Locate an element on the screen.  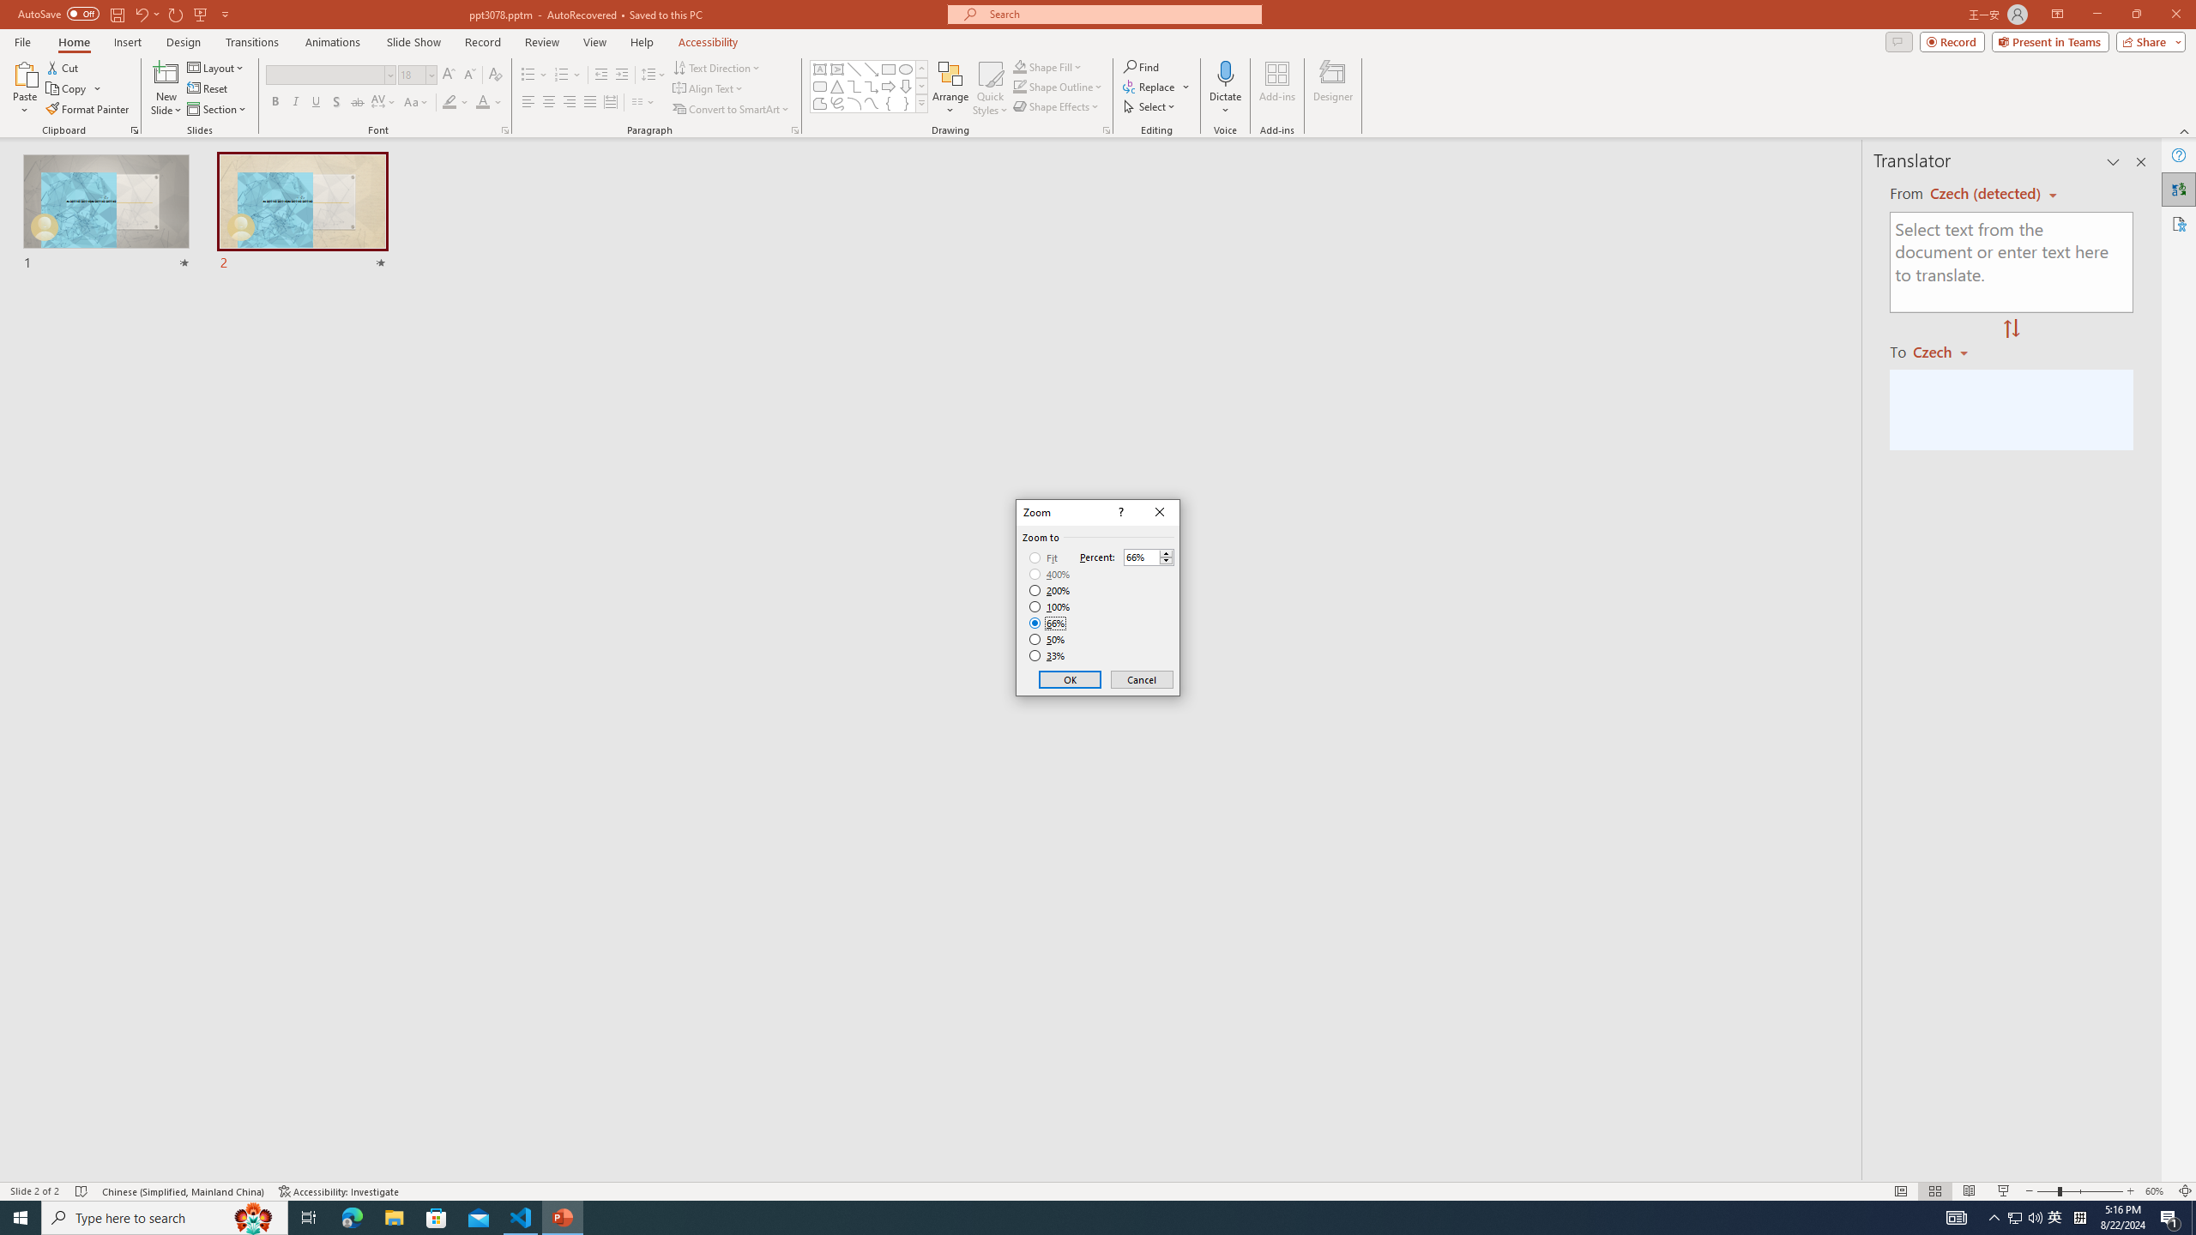
'Context help' is located at coordinates (1119, 512).